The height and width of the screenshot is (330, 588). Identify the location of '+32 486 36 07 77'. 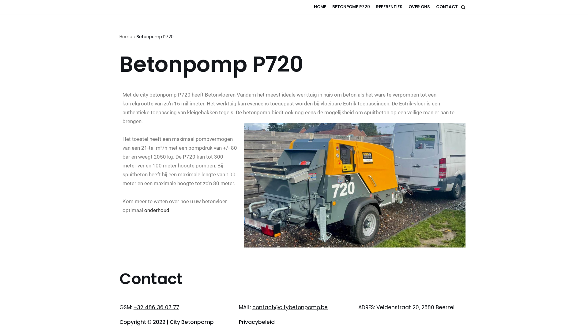
(133, 307).